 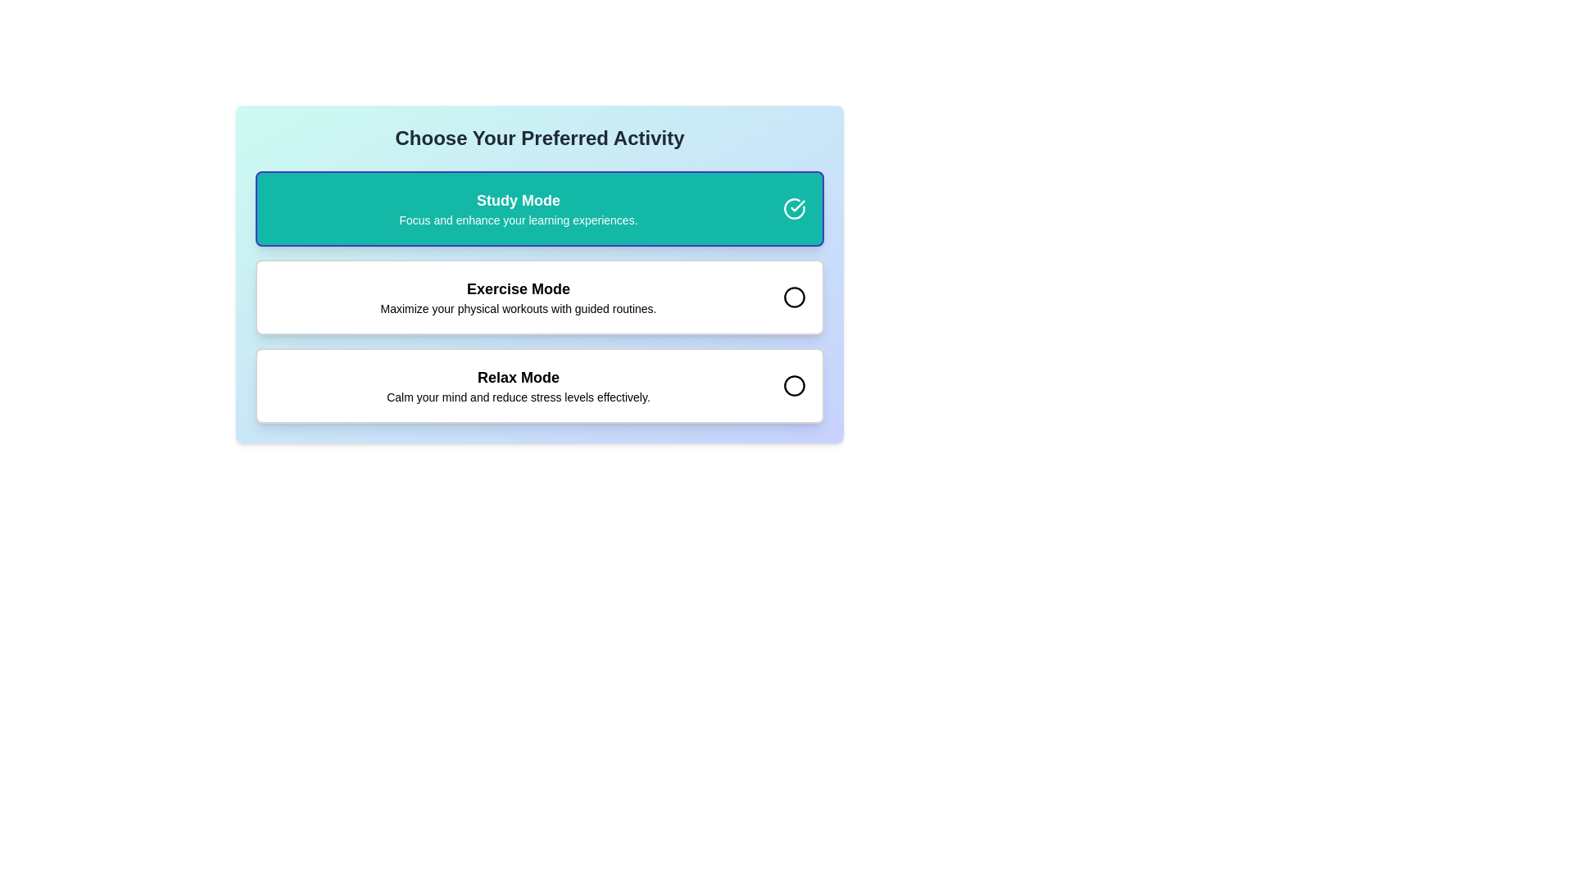 What do you see at coordinates (518, 309) in the screenshot?
I see `the static text element that provides explanatory details about the 'Exercise Mode' option, located beneath its title in the middle of the interface` at bounding box center [518, 309].